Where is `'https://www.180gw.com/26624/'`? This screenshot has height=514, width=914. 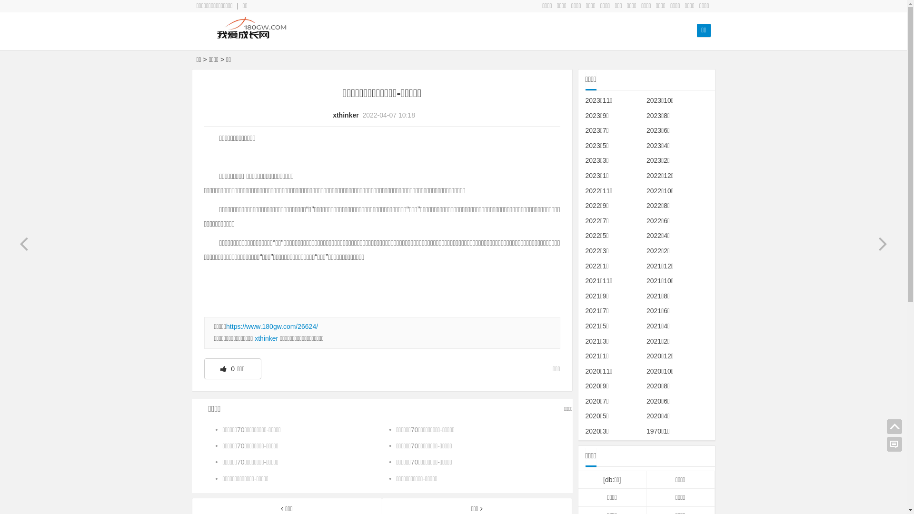 'https://www.180gw.com/26624/' is located at coordinates (271, 326).